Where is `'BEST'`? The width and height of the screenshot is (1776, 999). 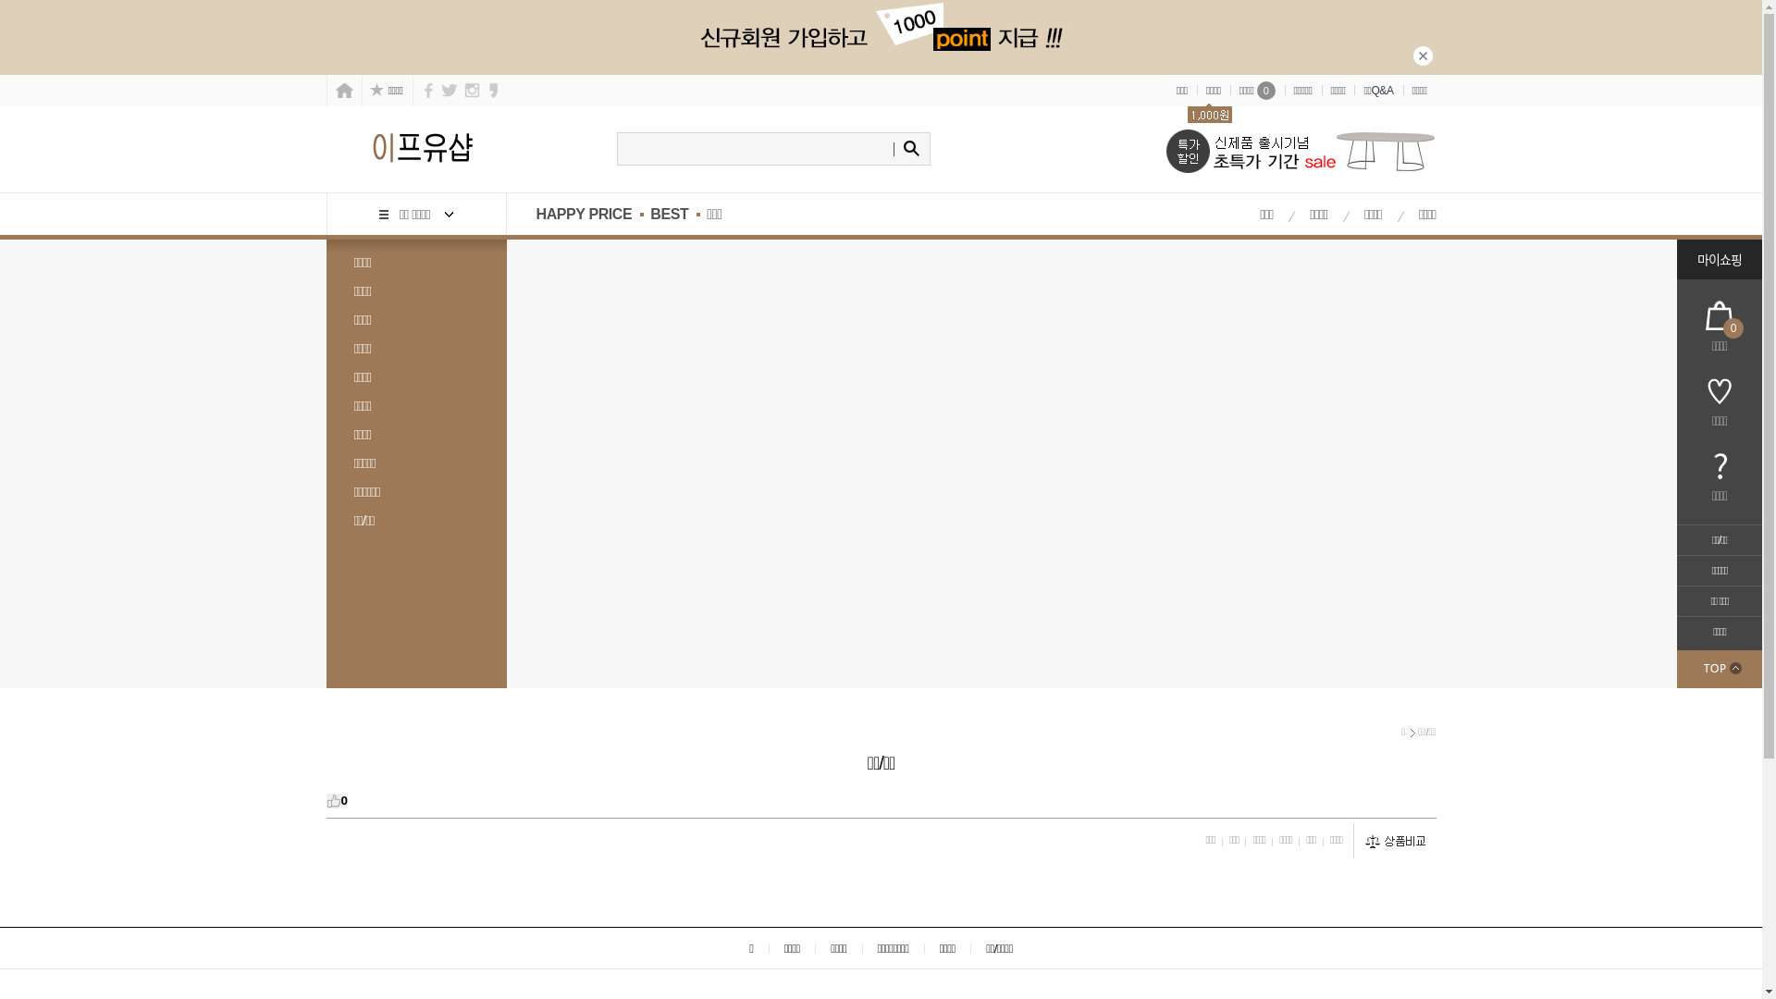
'BEST' is located at coordinates (668, 213).